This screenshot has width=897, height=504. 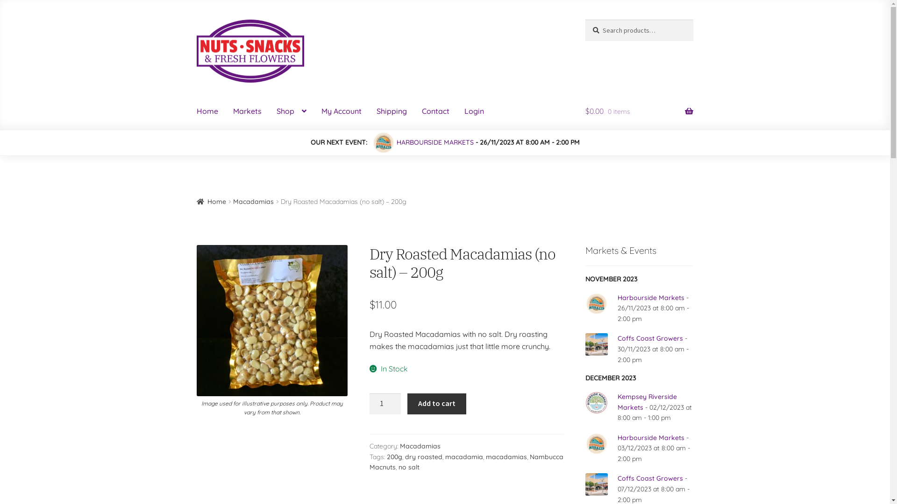 I want to click on '$0.00 0 items', so click(x=639, y=111).